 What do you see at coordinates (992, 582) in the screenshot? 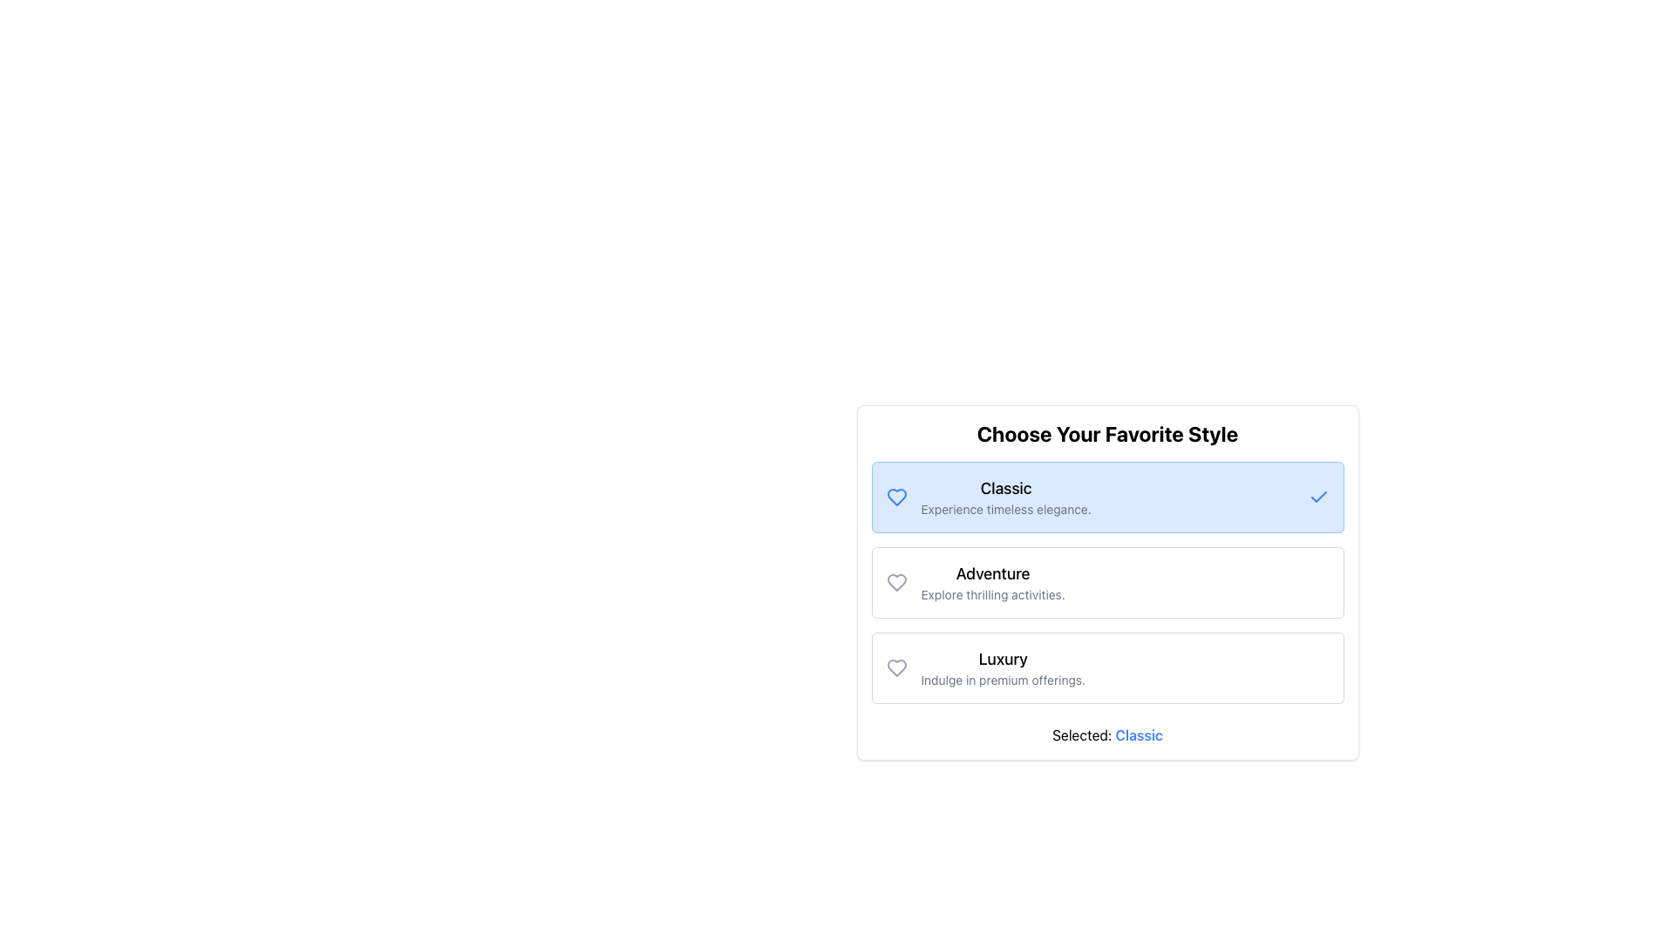
I see `to select the 'Adventure' option, which is the second selectable item in a vertically stacked list, featuring a bold title and a description` at bounding box center [992, 582].